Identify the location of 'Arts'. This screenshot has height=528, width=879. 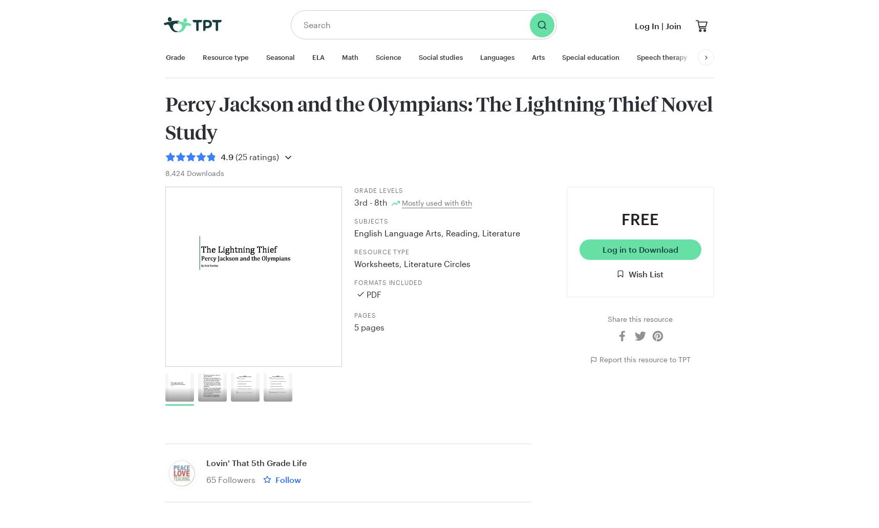
(538, 57).